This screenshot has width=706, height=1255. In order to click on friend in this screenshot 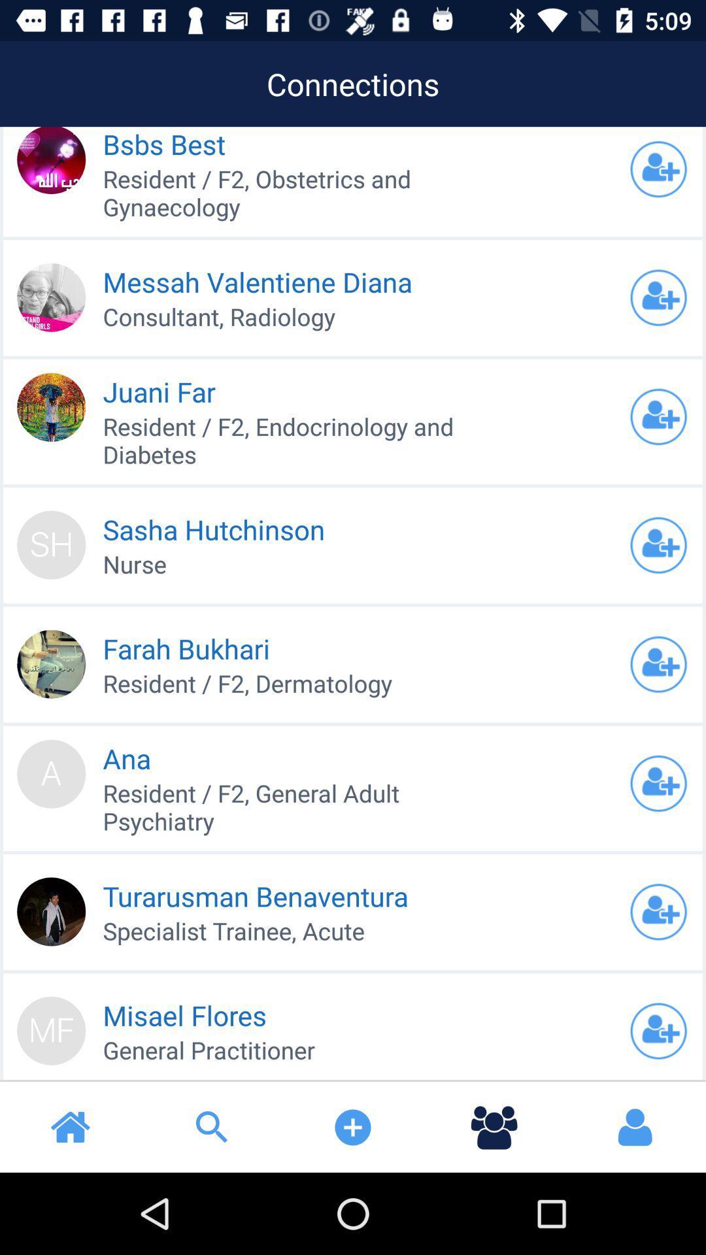, I will do `click(658, 664)`.